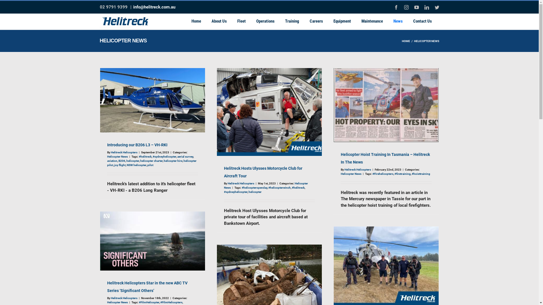 This screenshot has height=305, width=543. What do you see at coordinates (154, 7) in the screenshot?
I see `'info@helitreck.com.au'` at bounding box center [154, 7].